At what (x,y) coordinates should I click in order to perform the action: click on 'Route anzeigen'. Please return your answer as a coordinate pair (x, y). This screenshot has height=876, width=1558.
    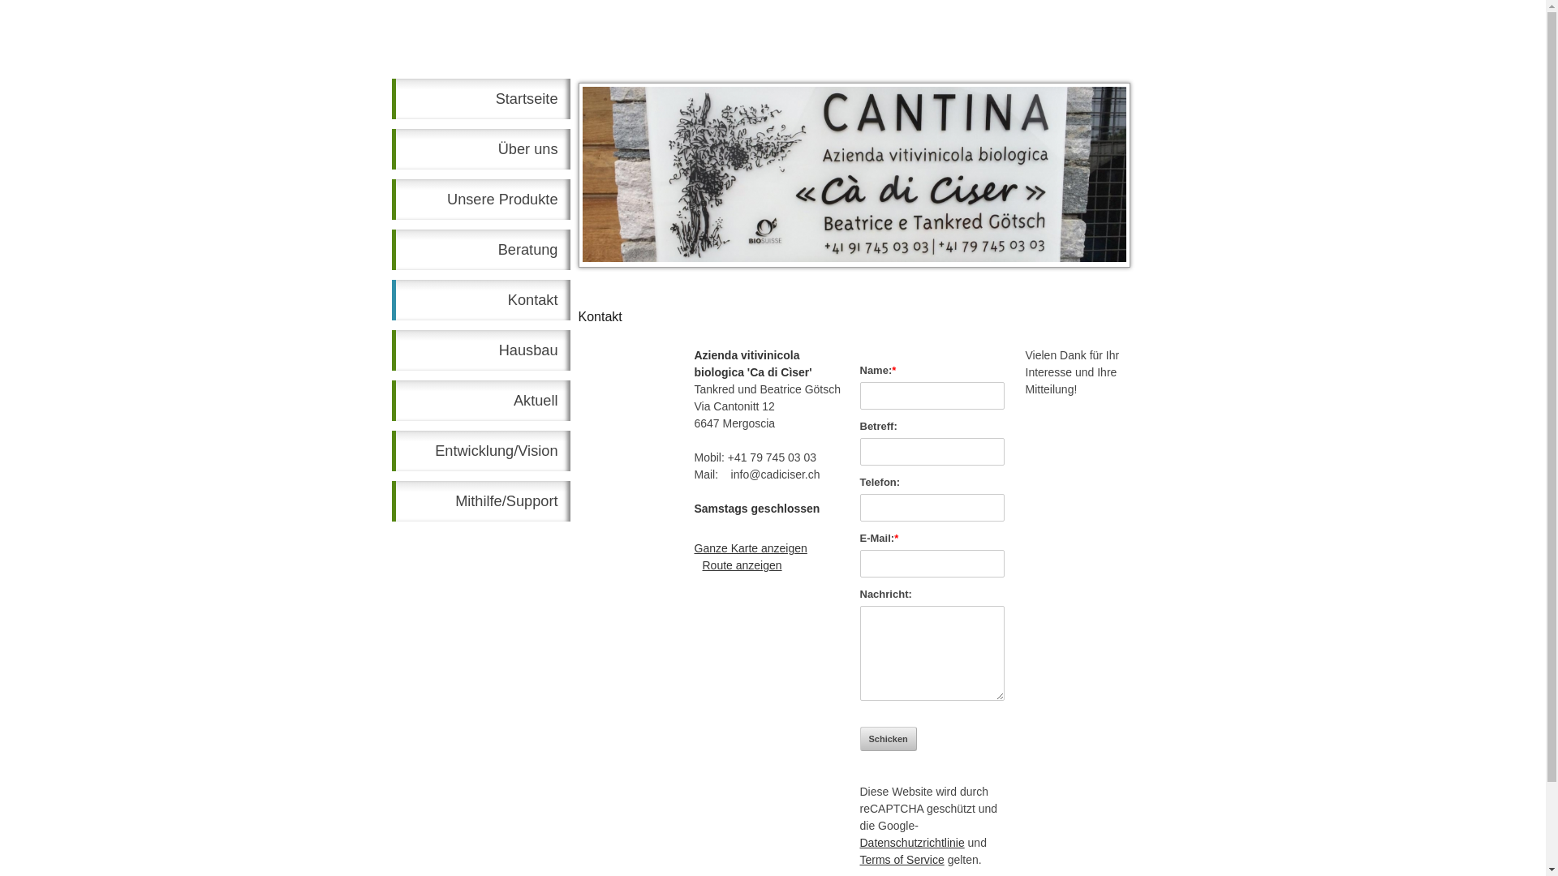
    Looking at the image, I should click on (742, 565).